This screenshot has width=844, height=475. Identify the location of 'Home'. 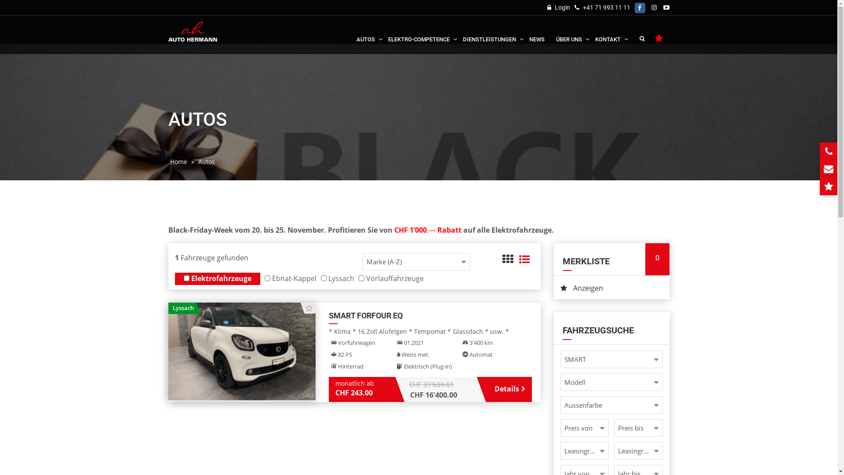
(168, 161).